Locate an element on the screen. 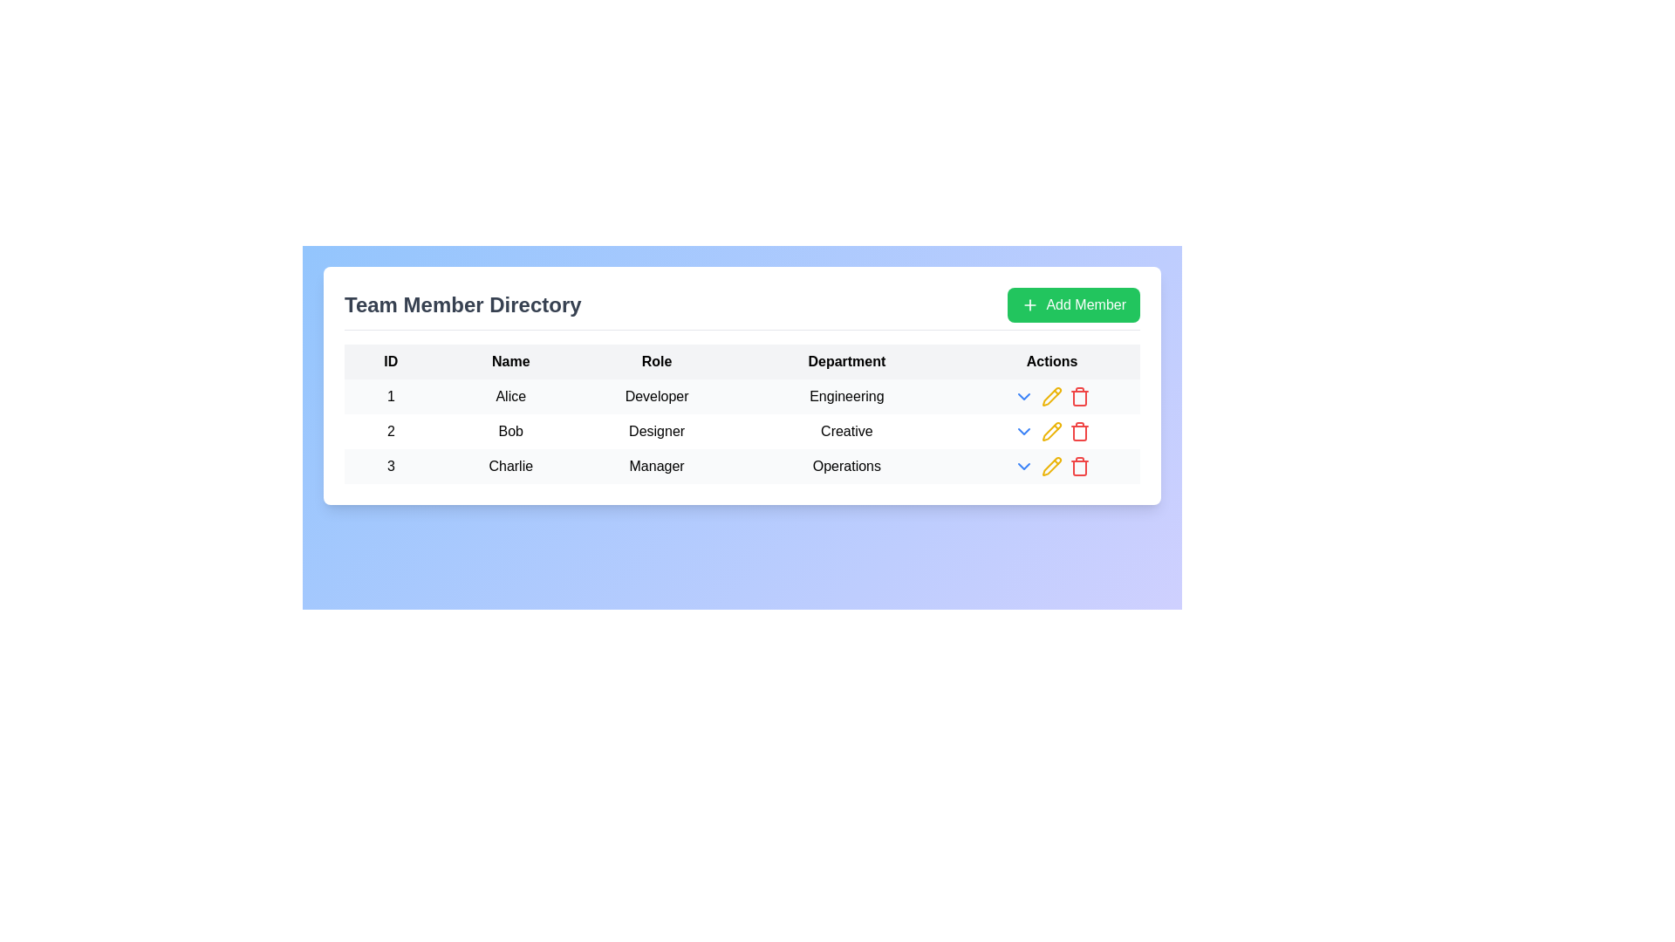  the header label 'Name' in the second column of the table layout, positioned between 'ID' and 'Role' is located at coordinates (509, 361).